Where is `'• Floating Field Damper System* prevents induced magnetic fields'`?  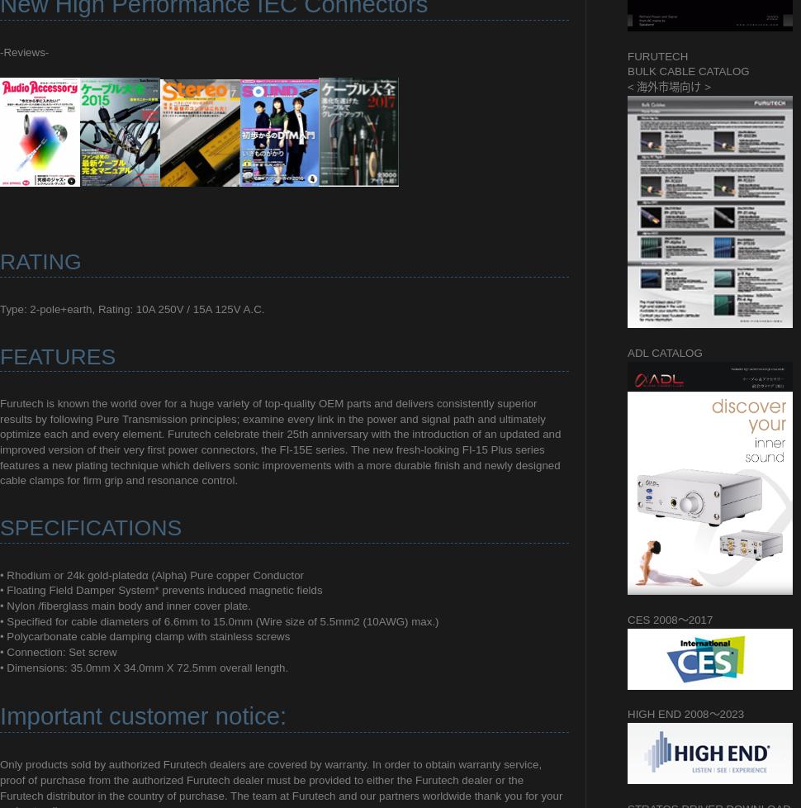
'• Floating Field Damper System* prevents induced magnetic fields' is located at coordinates (0, 590).